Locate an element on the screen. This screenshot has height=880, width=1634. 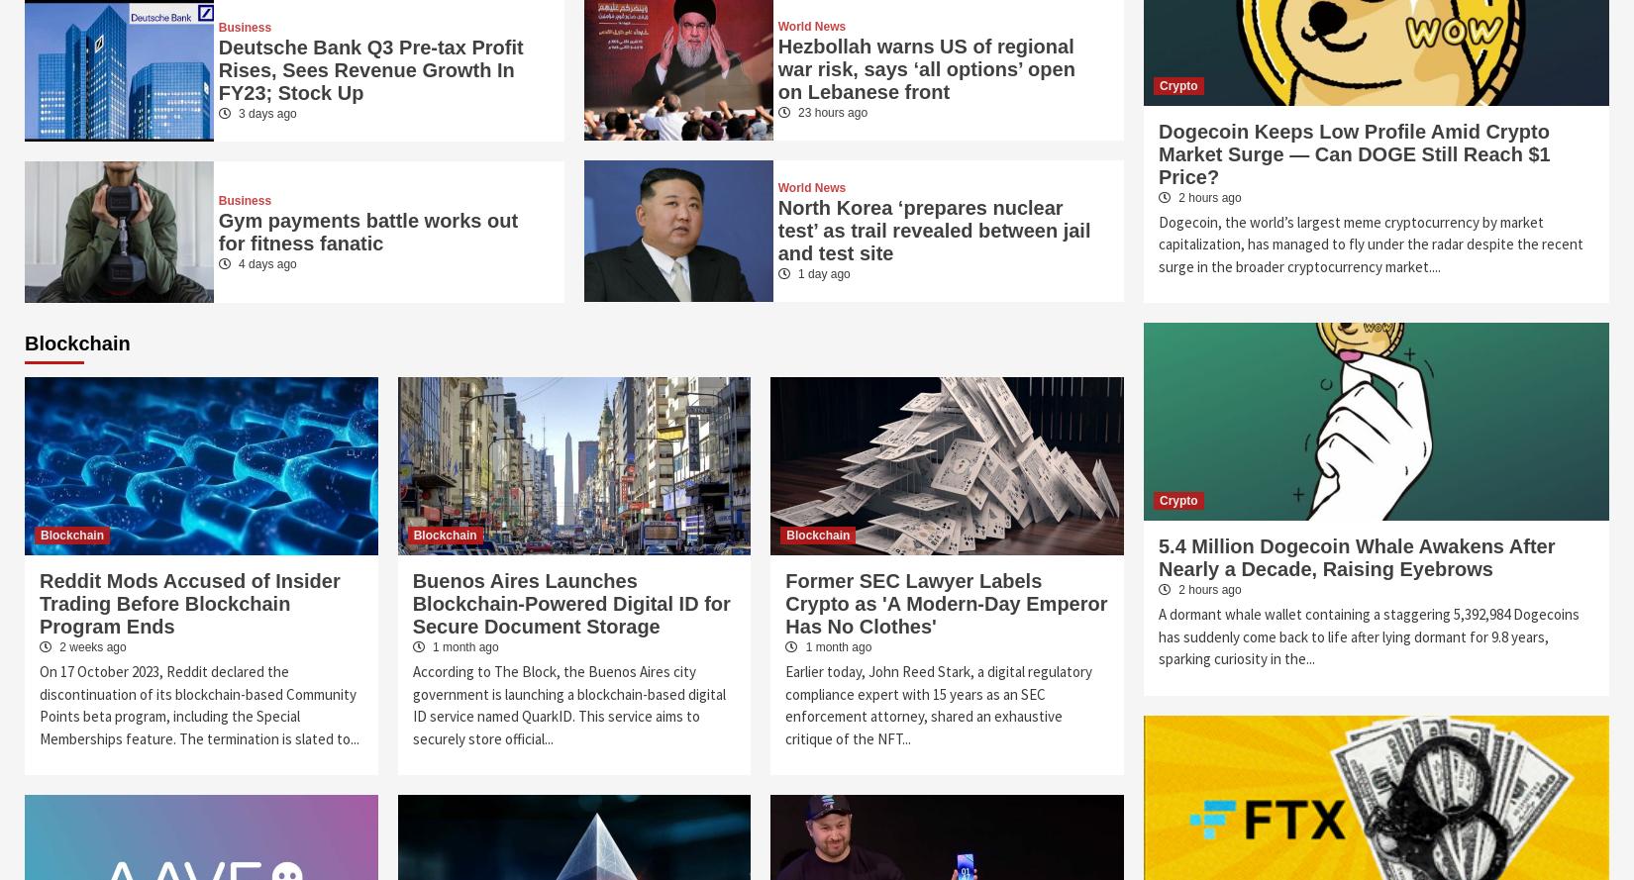
'2 weeks ago' is located at coordinates (55, 647).